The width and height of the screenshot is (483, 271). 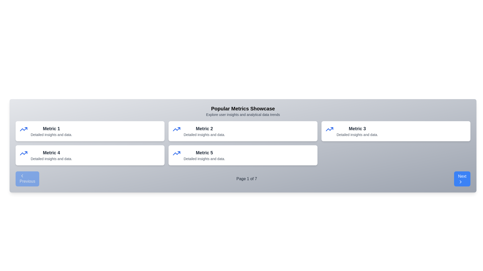 I want to click on the text in the 'Metric 1' heading, which is a bold, large font text label located at the top of the first column in the metrics grid, so click(x=51, y=128).